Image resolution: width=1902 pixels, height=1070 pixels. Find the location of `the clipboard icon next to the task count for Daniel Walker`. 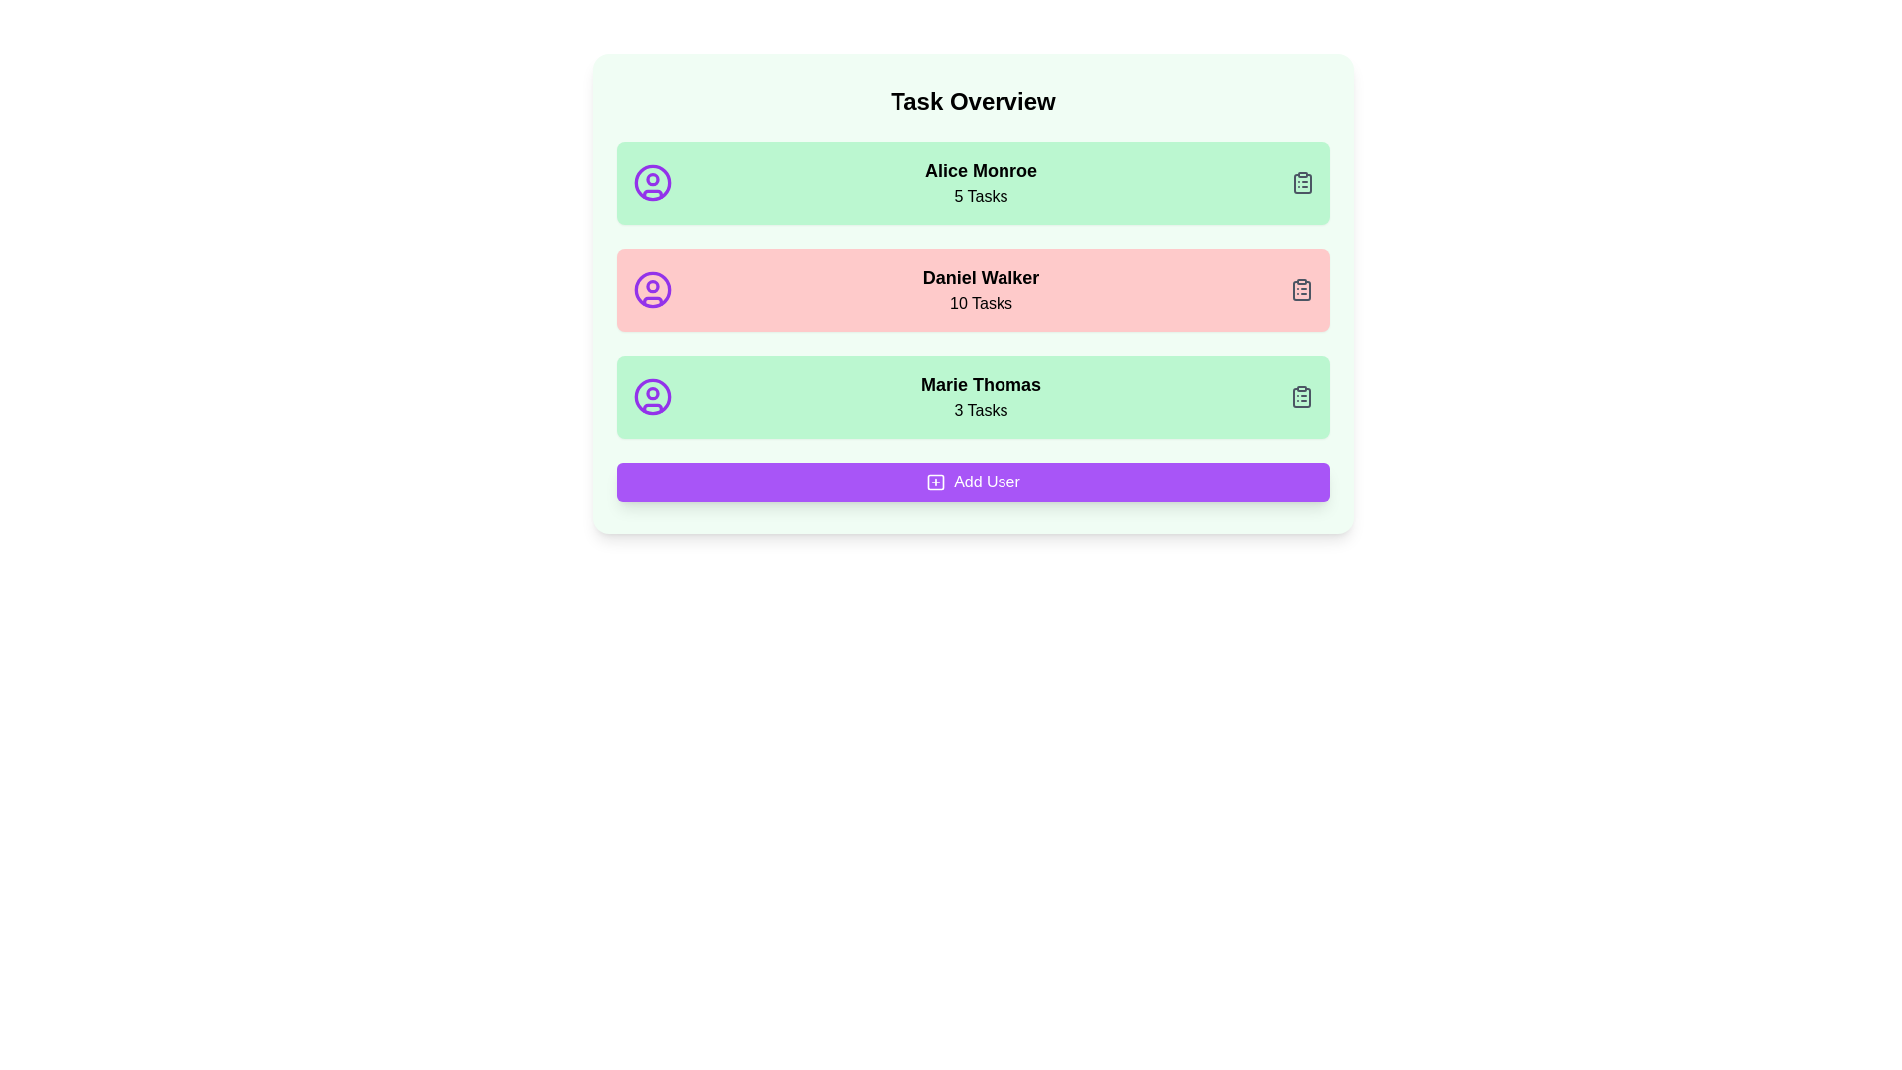

the clipboard icon next to the task count for Daniel Walker is located at coordinates (1302, 290).